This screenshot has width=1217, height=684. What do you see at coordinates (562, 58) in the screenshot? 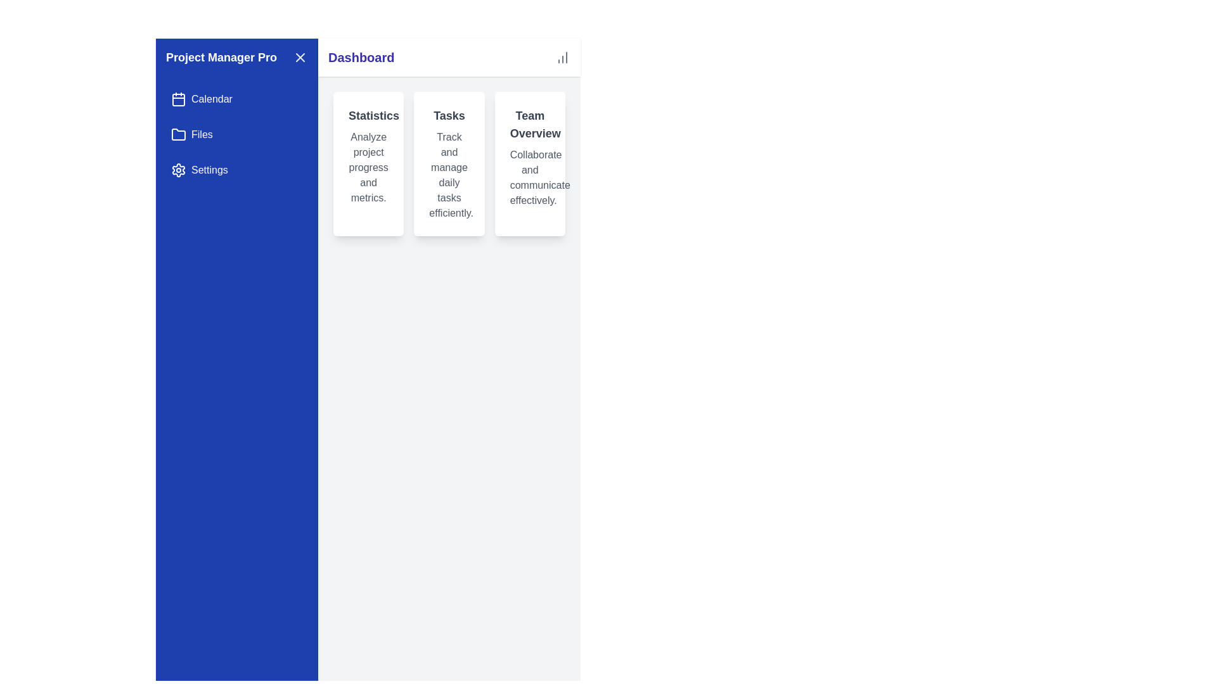
I see `the small, compact icon with three vertical bars indicating a column chart representation located at the top-right corner of the 'Dashboard' header` at bounding box center [562, 58].